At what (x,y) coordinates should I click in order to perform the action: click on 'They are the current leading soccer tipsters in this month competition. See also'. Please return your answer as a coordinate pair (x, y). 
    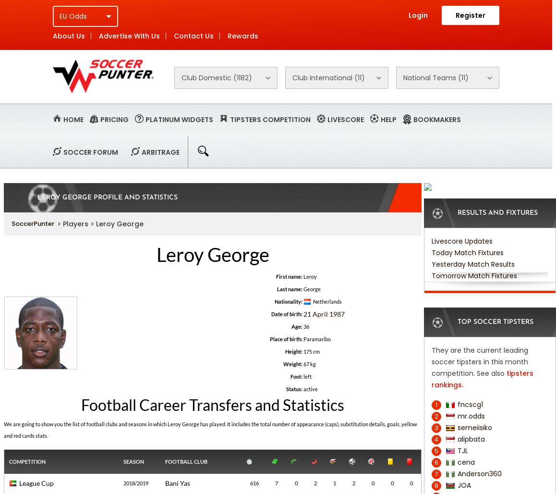
    Looking at the image, I should click on (479, 361).